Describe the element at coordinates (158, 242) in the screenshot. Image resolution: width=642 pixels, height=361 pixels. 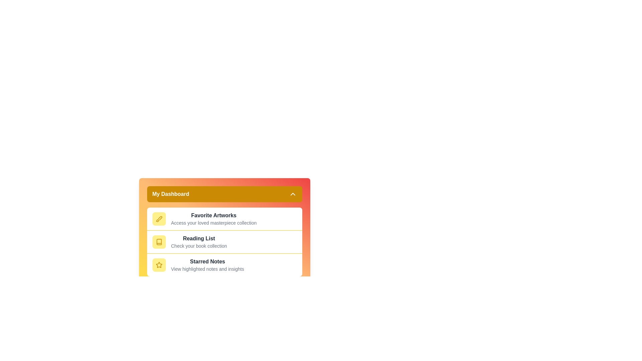
I see `the stylized open book icon located in the second list item under the 'My Dashboard' section, adjacent to the 'Reading List' label` at that location.